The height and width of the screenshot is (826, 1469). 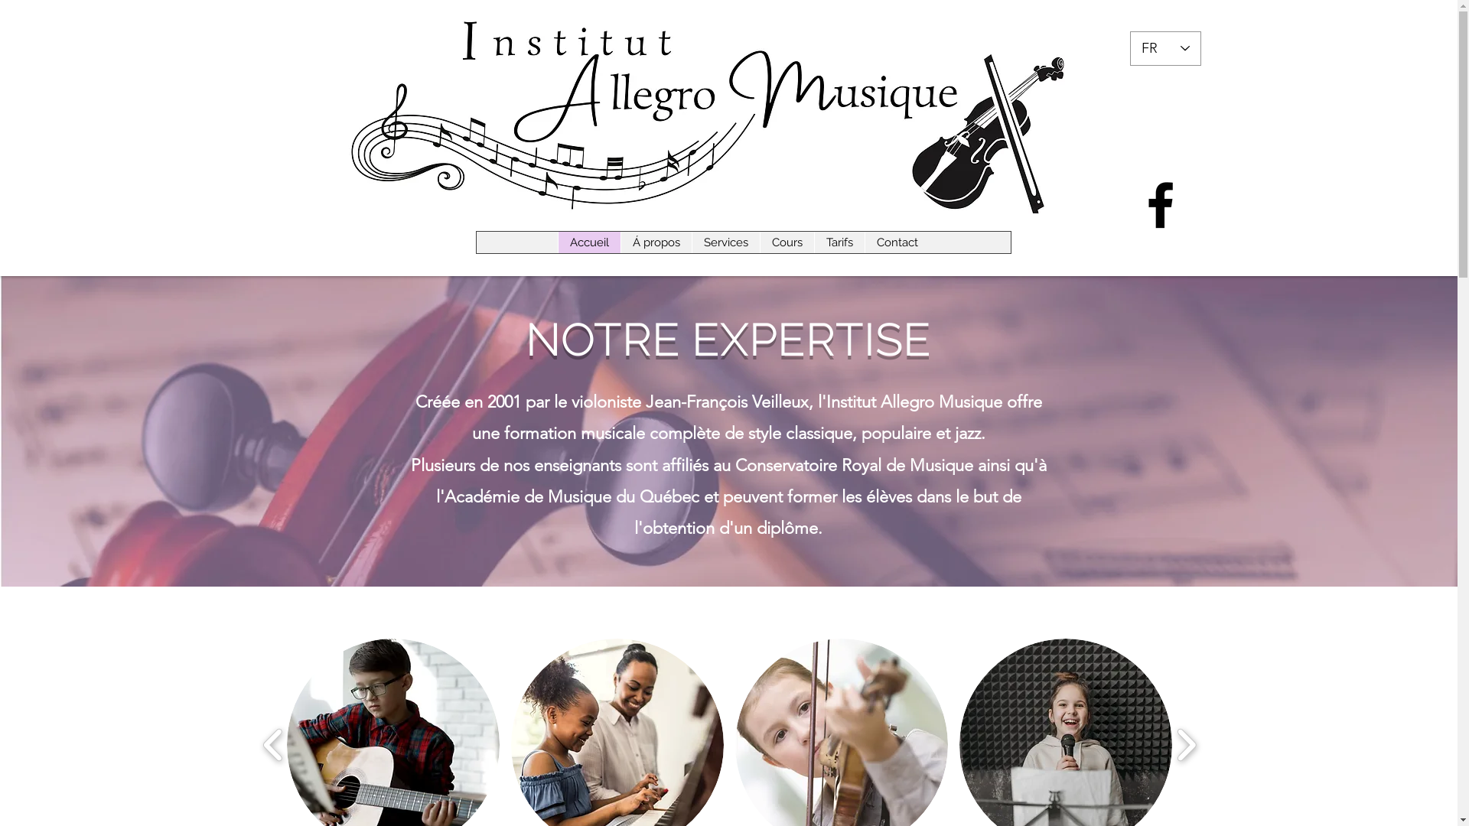 I want to click on 'Services', so click(x=725, y=241).